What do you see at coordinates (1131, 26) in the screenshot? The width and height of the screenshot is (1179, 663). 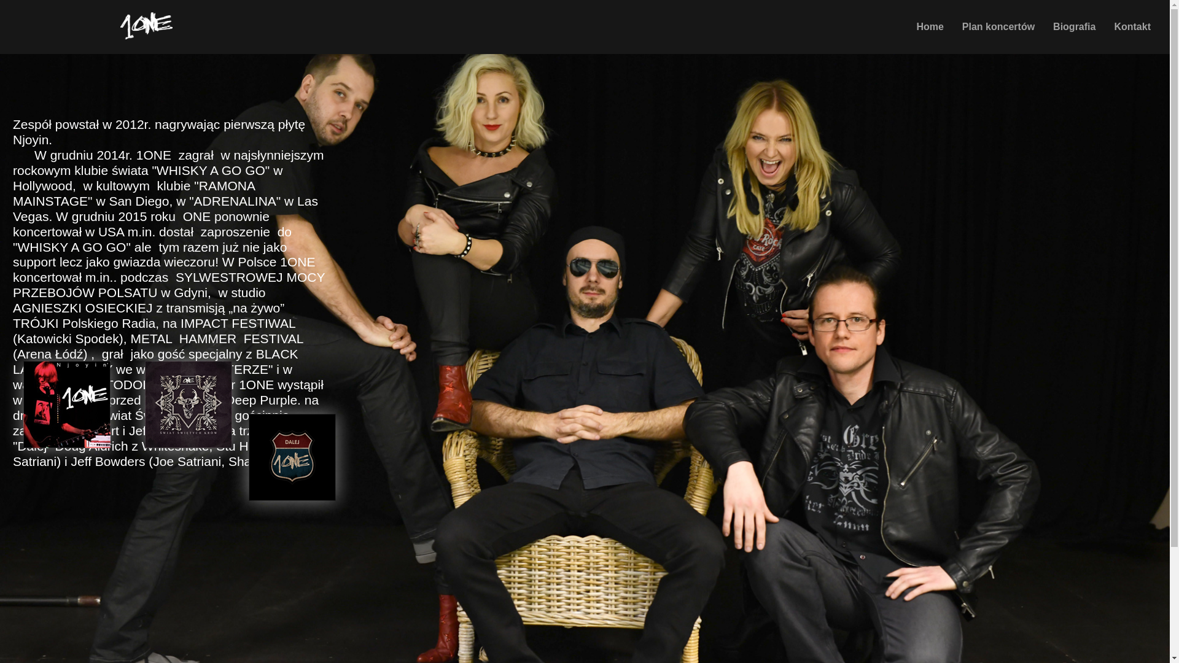 I see `'Kontakt'` at bounding box center [1131, 26].